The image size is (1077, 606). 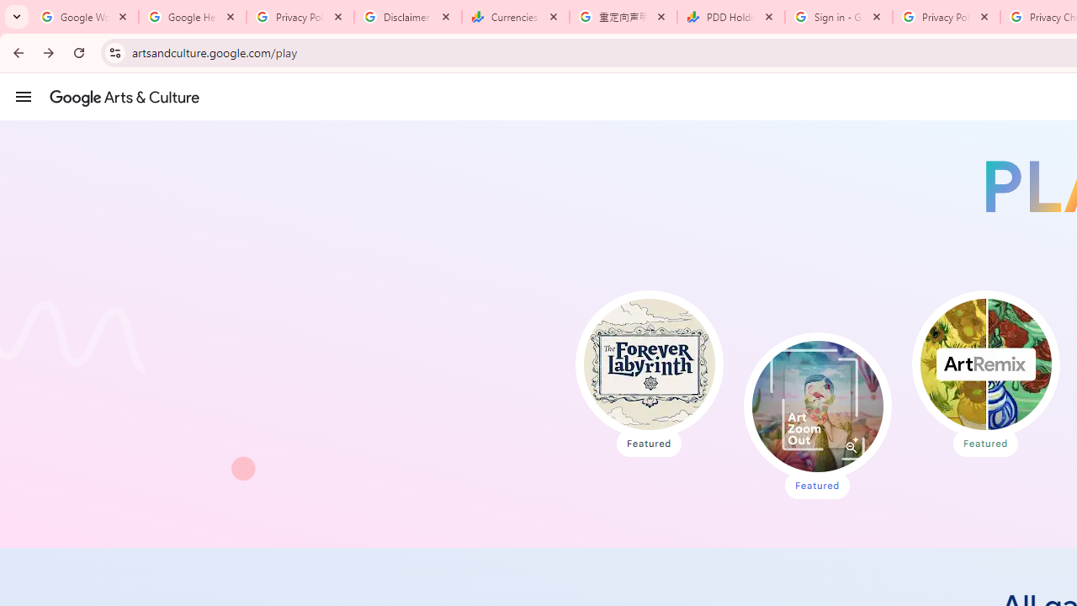 I want to click on 'Sign in - Google Accounts', so click(x=839, y=17).